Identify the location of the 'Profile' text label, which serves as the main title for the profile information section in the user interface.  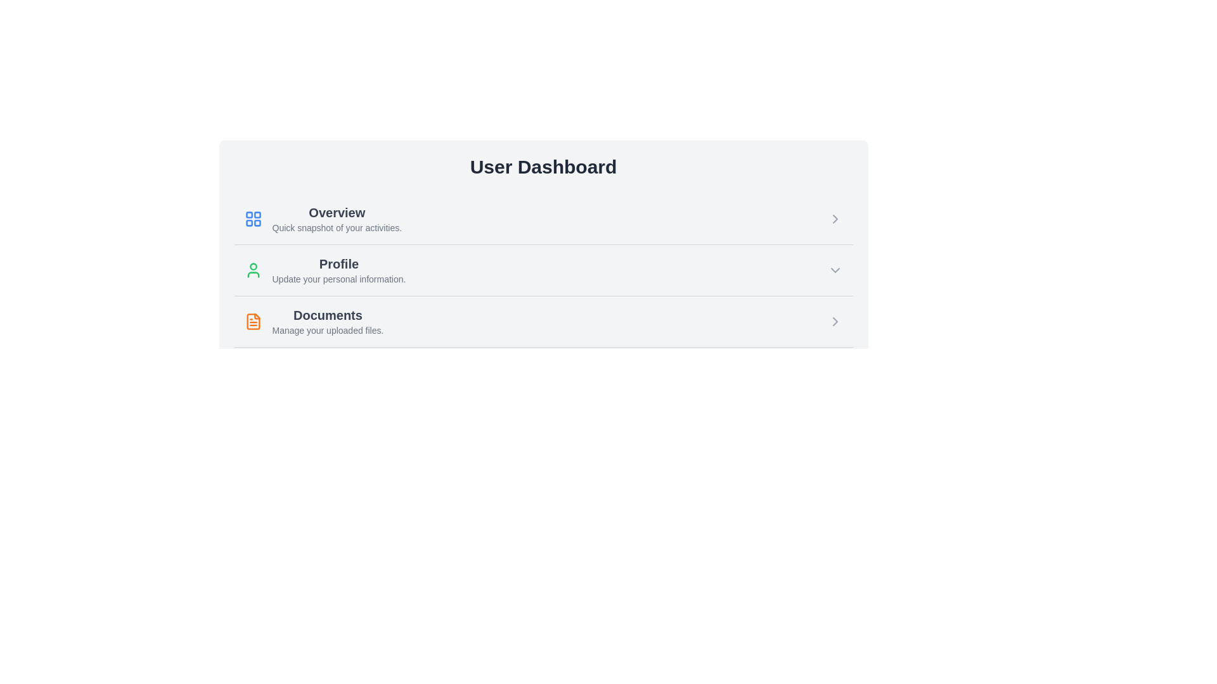
(338, 263).